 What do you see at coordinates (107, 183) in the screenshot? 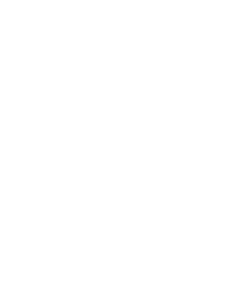
I see `'Focal Naim America has introduced its newly redesigned “Trio6 ST6” 3-way studio monitors.'` at bounding box center [107, 183].